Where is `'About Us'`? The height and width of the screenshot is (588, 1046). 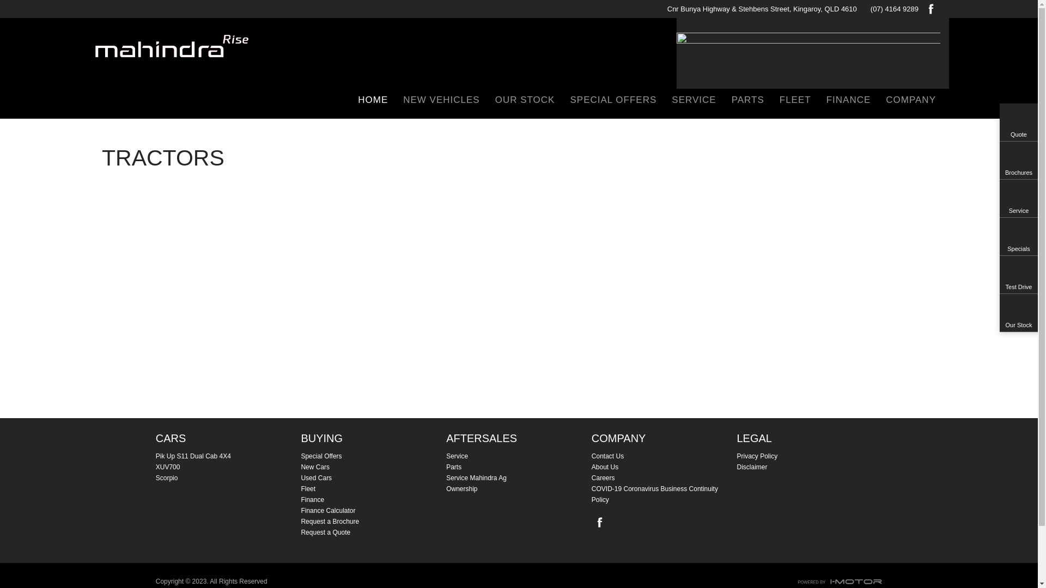
'About Us' is located at coordinates (591, 466).